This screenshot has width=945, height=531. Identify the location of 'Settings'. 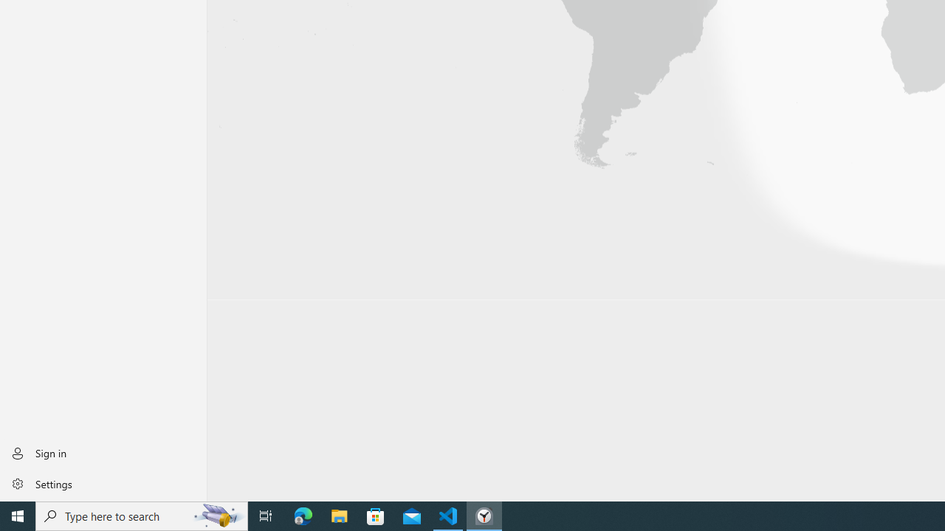
(103, 483).